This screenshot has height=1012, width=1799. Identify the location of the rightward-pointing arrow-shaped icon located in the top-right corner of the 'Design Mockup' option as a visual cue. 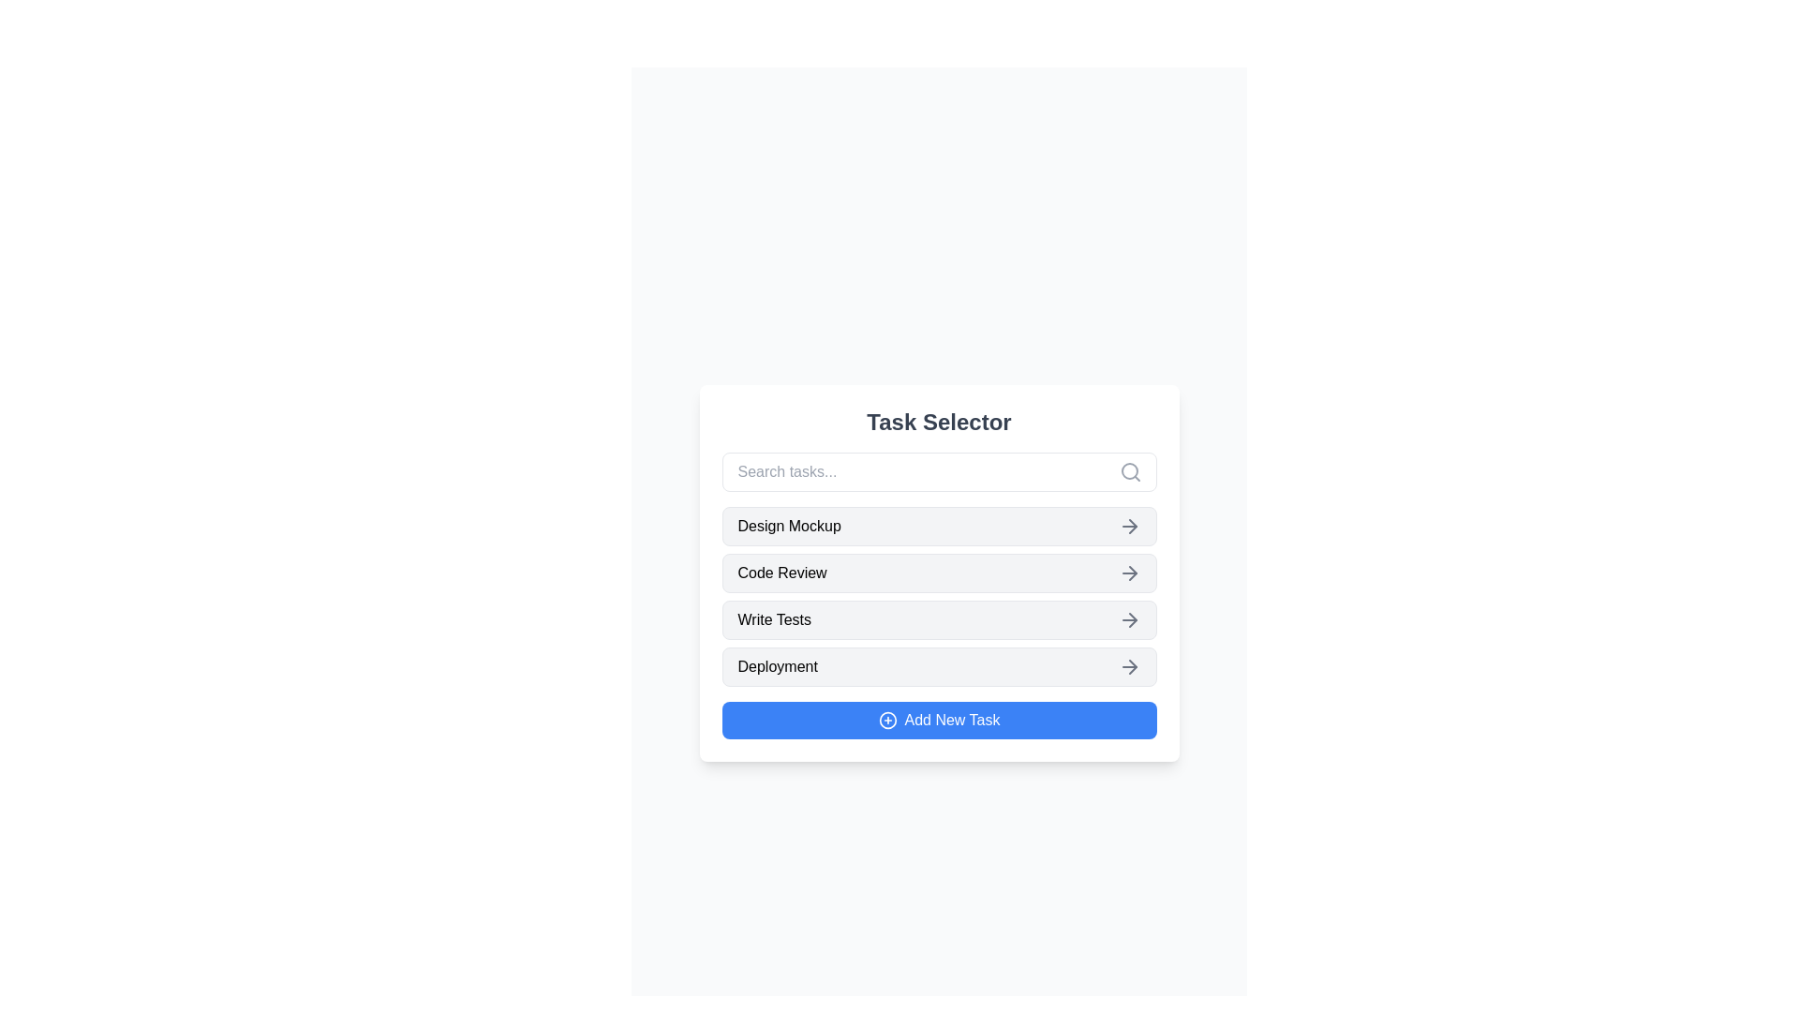
(1132, 527).